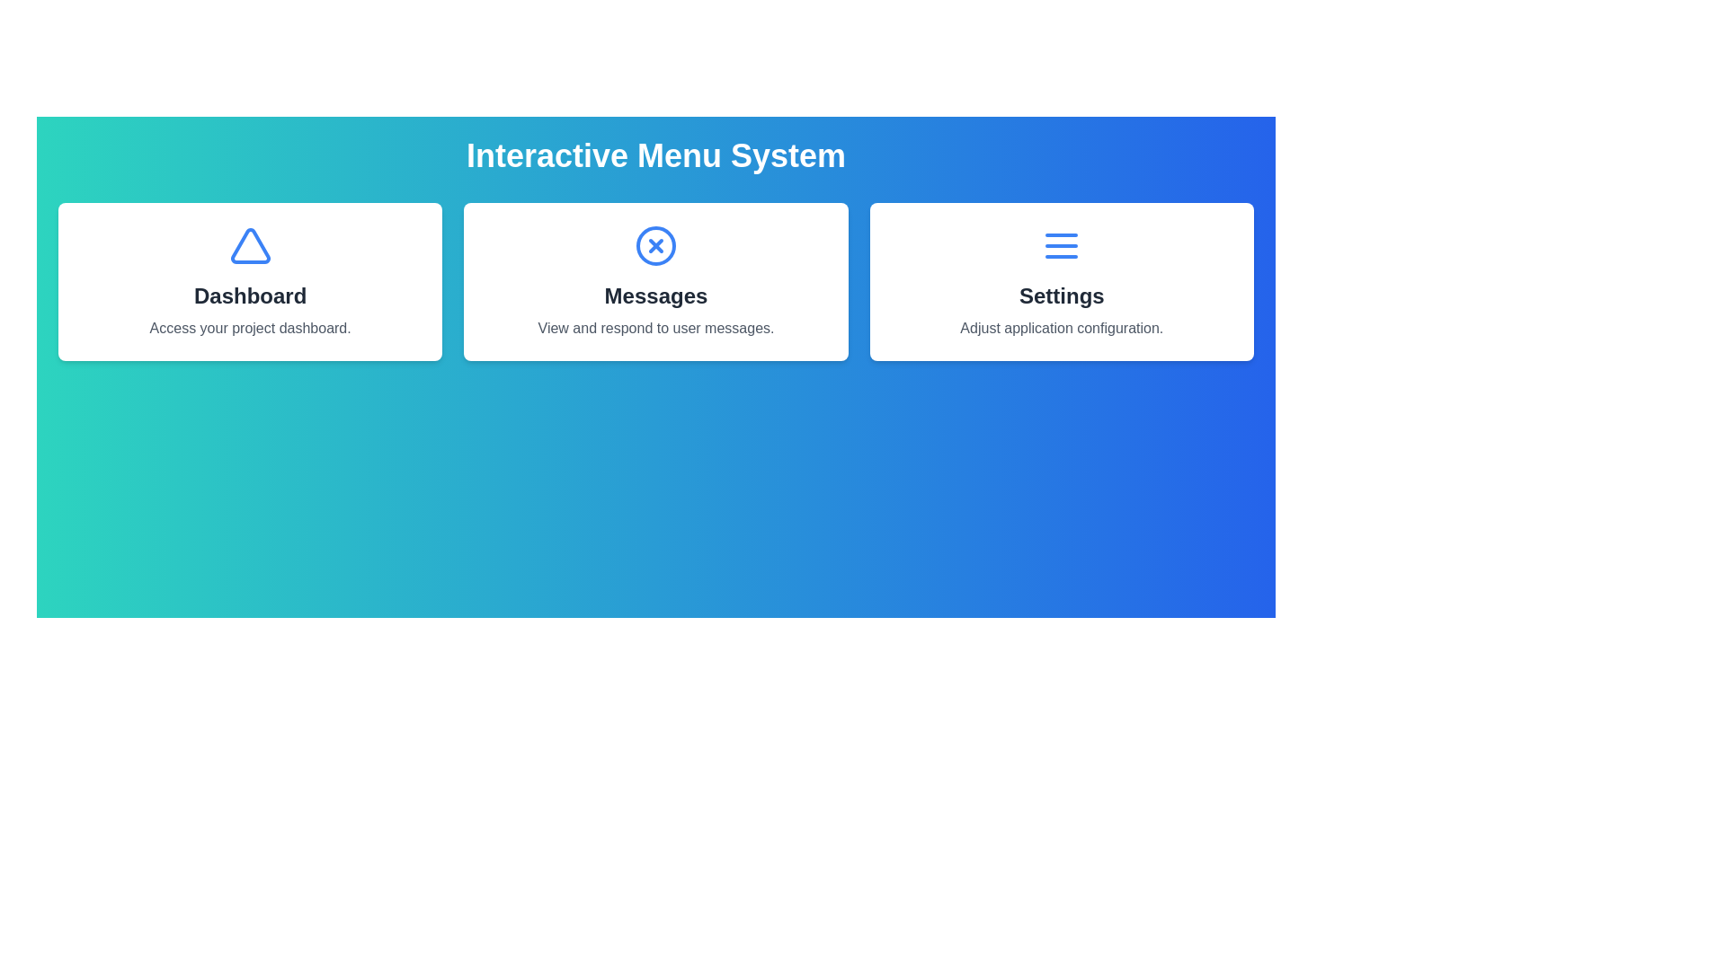 This screenshot has width=1726, height=970. What do you see at coordinates (1062, 329) in the screenshot?
I see `the text label that reads 'Adjust application configuration.' which is centrally aligned below the 'Settings' heading in the card-like section` at bounding box center [1062, 329].